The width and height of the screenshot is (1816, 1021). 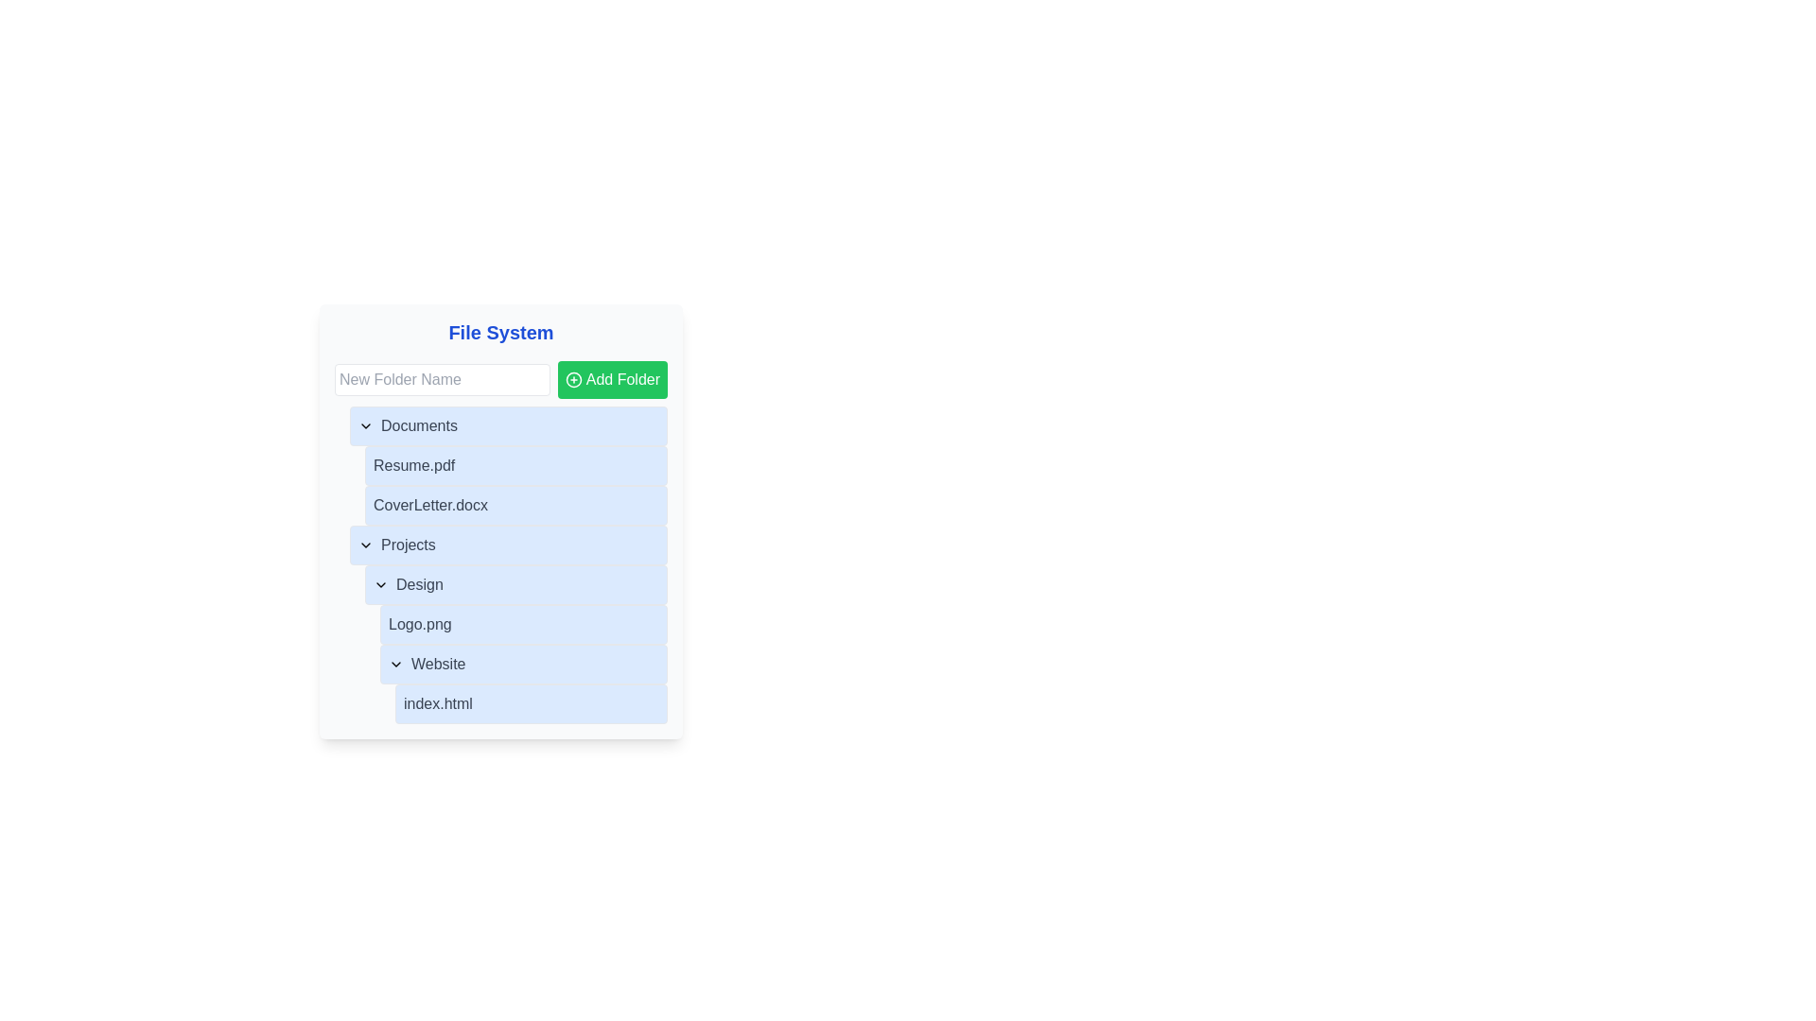 I want to click on the blue-shaded list item labeled 'Design' in the hierarchical file navigation interface, so click(x=500, y=563).